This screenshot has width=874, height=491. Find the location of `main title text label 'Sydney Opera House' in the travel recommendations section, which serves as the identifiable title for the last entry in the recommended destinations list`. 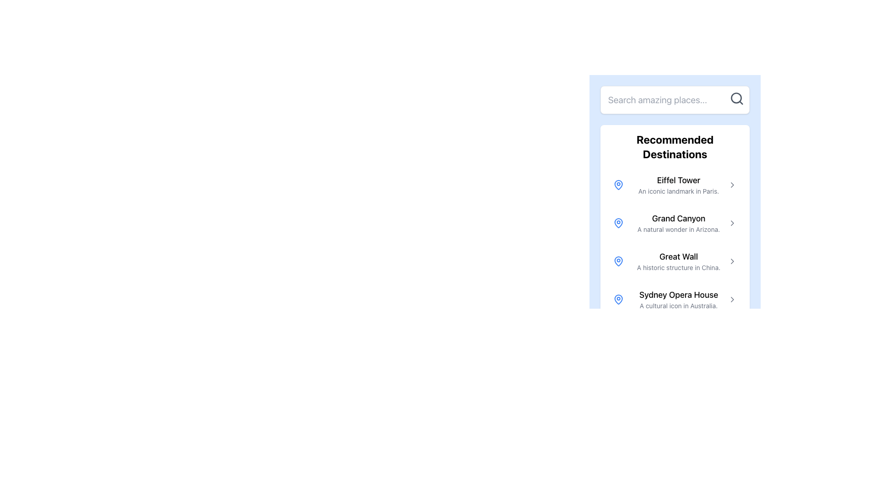

main title text label 'Sydney Opera House' in the travel recommendations section, which serves as the identifiable title for the last entry in the recommended destinations list is located at coordinates (679, 295).